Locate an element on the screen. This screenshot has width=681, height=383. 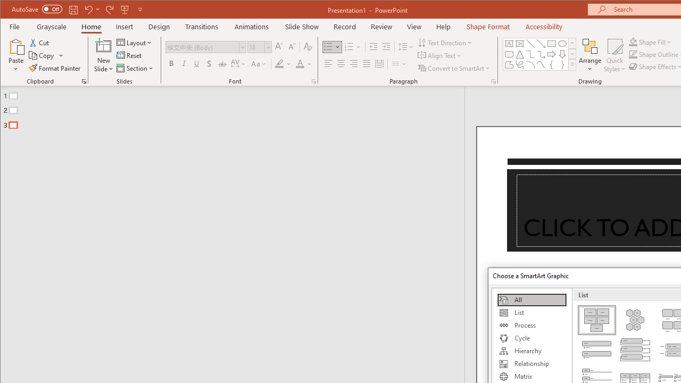
'Basic Block List' is located at coordinates (596, 319).